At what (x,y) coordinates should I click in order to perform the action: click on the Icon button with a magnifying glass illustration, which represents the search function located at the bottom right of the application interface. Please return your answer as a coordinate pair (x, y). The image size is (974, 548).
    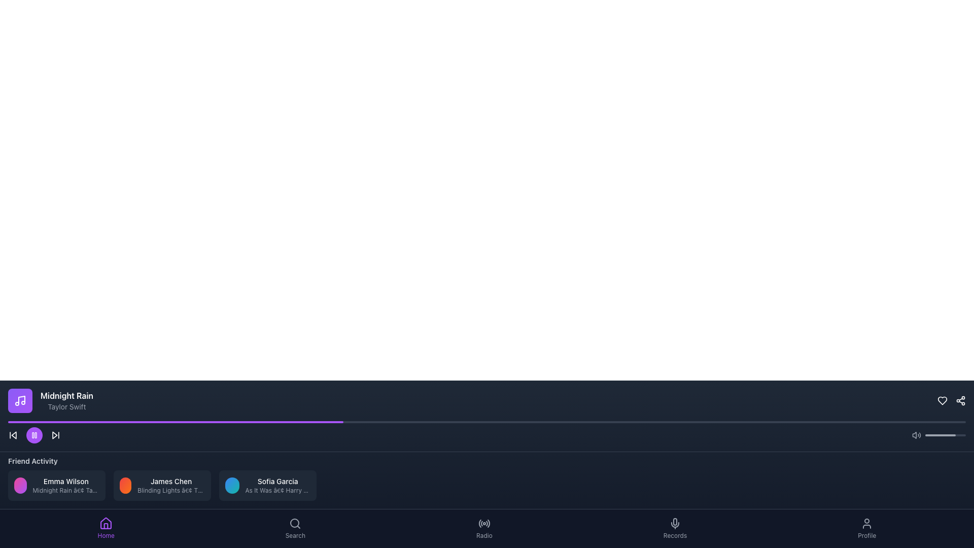
    Looking at the image, I should click on (295, 524).